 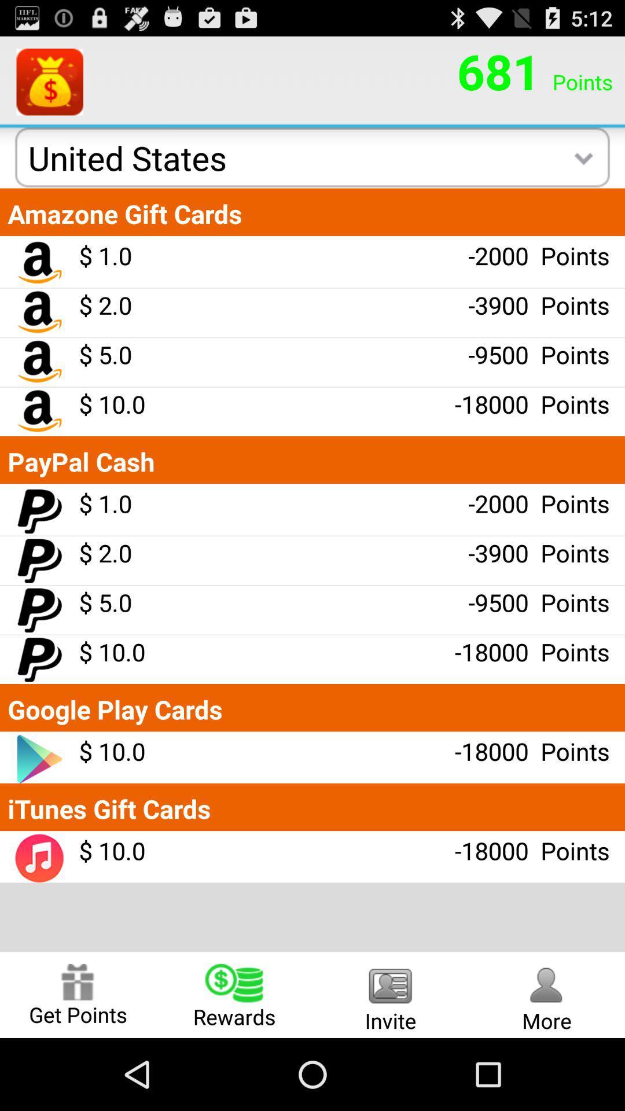 I want to click on item to the left of rewards, so click(x=78, y=994).